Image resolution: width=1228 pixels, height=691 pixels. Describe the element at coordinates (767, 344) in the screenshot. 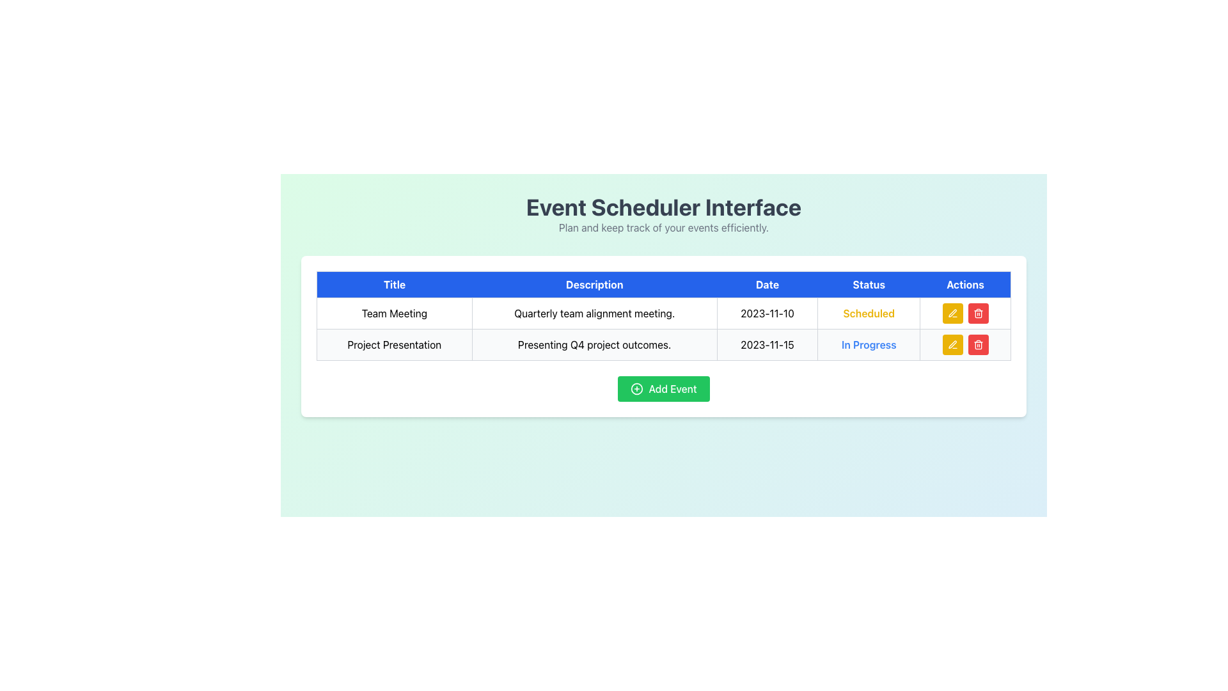

I see `date displayed in the table cell that contains the text '2023-11-15', located in the third column of the second row of the table` at that location.